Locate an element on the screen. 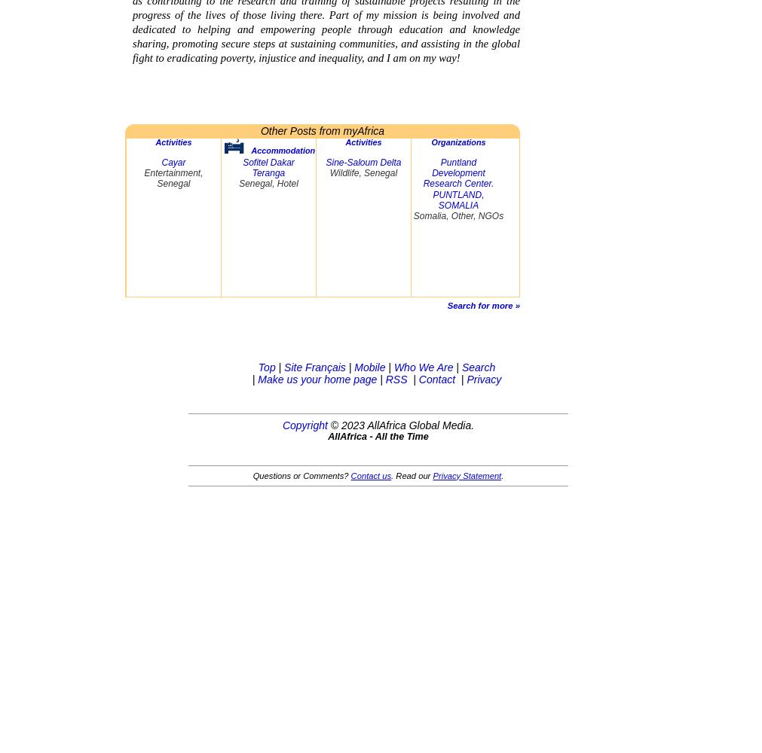  'Site Français' is located at coordinates (283, 366).